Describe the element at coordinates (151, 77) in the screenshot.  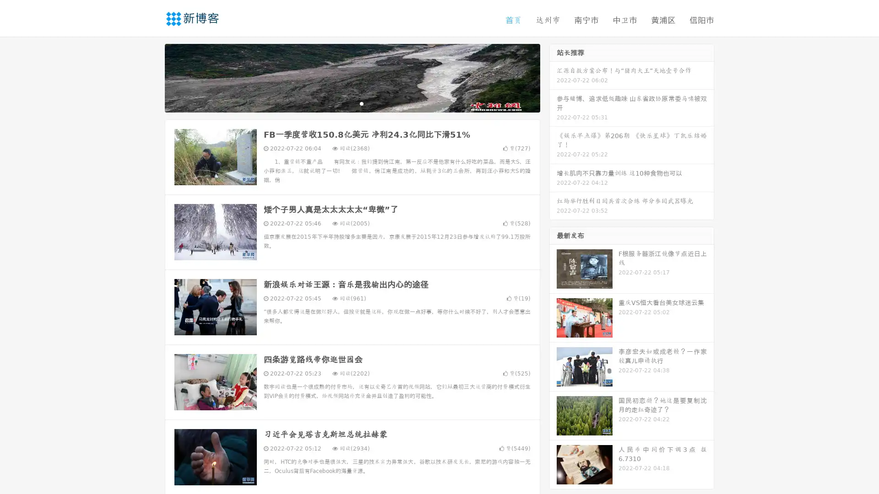
I see `Previous slide` at that location.